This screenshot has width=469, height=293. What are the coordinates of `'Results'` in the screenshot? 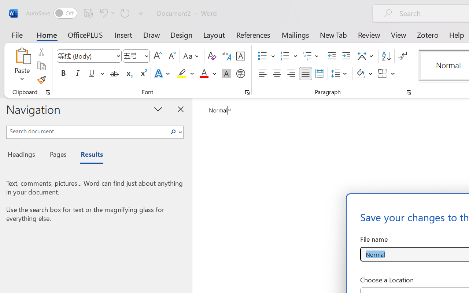 It's located at (88, 155).